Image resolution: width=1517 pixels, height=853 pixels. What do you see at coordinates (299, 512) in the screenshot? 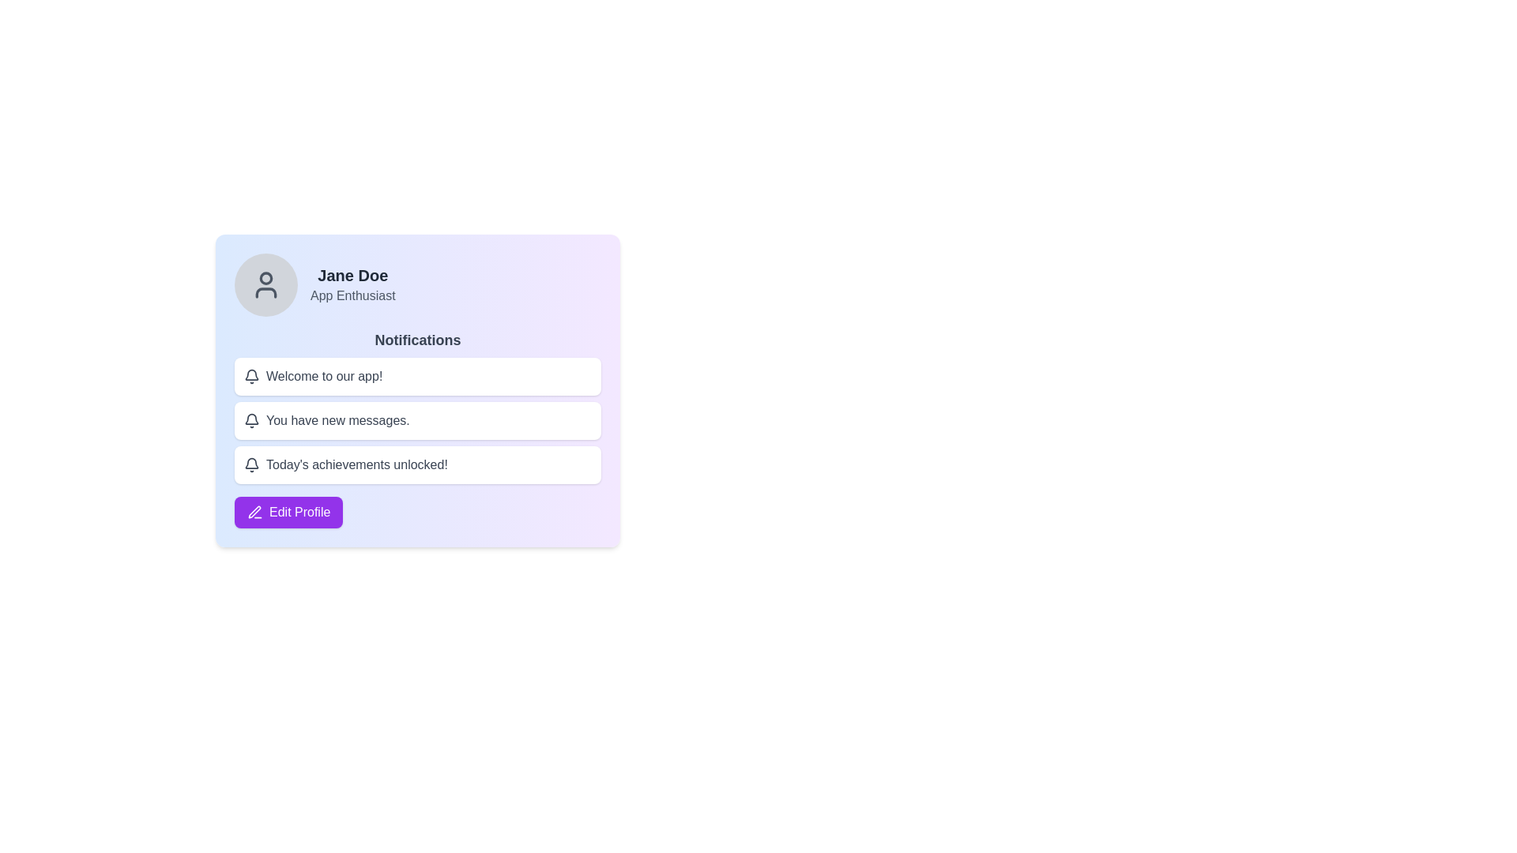
I see `the button labeled 'Edit Profile' which is styled with a bold white font on a purple background, located at the bottom of the user profile card` at bounding box center [299, 512].